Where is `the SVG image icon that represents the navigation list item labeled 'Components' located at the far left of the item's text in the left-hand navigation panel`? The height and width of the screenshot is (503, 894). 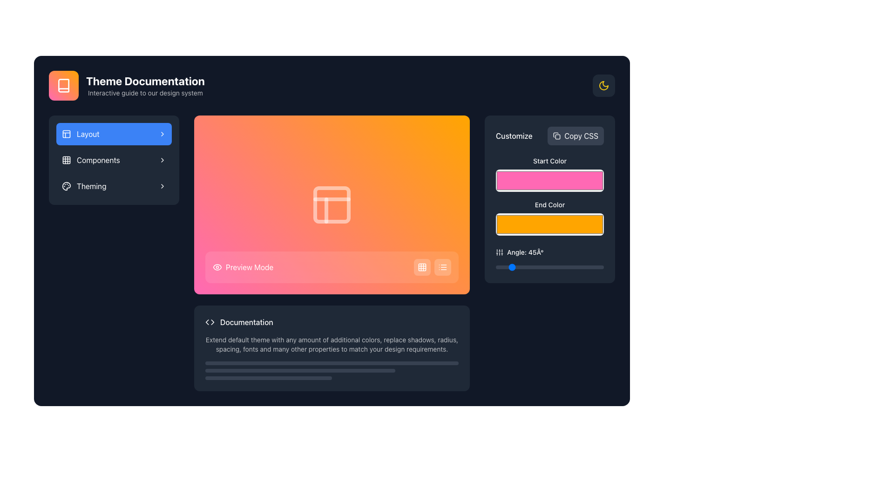
the SVG image icon that represents the navigation list item labeled 'Components' located at the far left of the item's text in the left-hand navigation panel is located at coordinates (66, 159).